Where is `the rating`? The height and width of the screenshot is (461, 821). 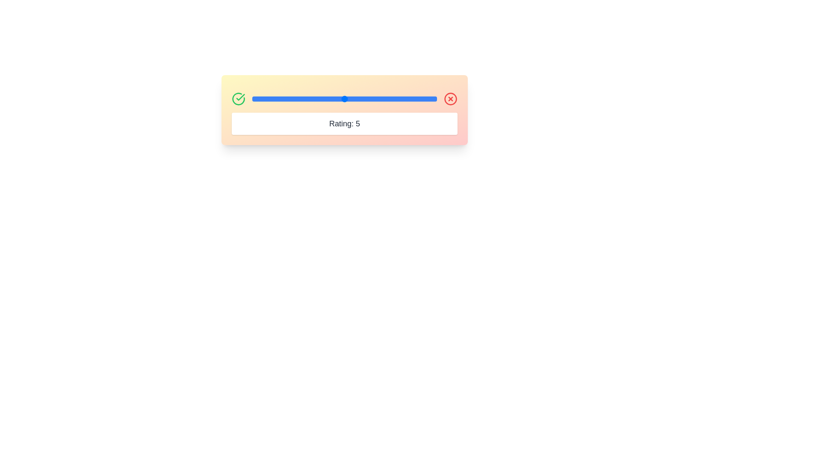 the rating is located at coordinates (363, 98).